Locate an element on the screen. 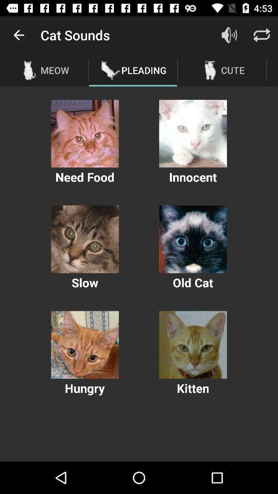 The image size is (278, 494). image button is located at coordinates (193, 239).